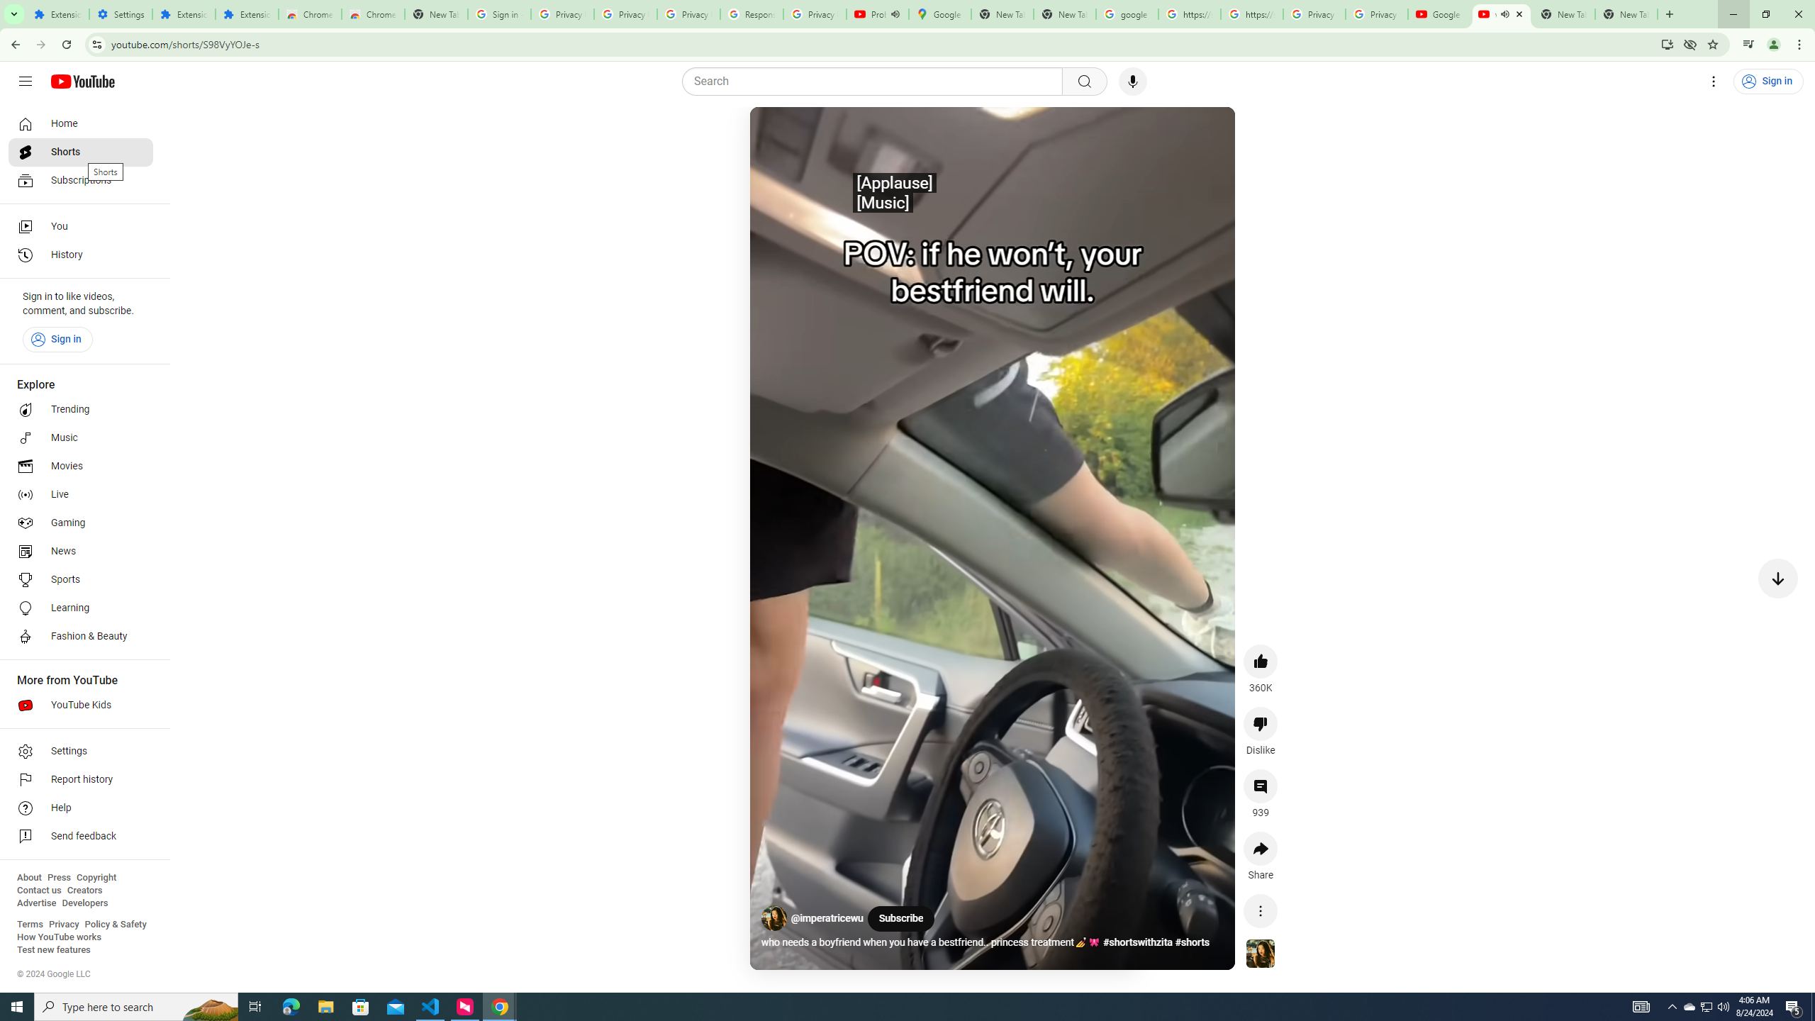  What do you see at coordinates (1777, 578) in the screenshot?
I see `'Next video'` at bounding box center [1777, 578].